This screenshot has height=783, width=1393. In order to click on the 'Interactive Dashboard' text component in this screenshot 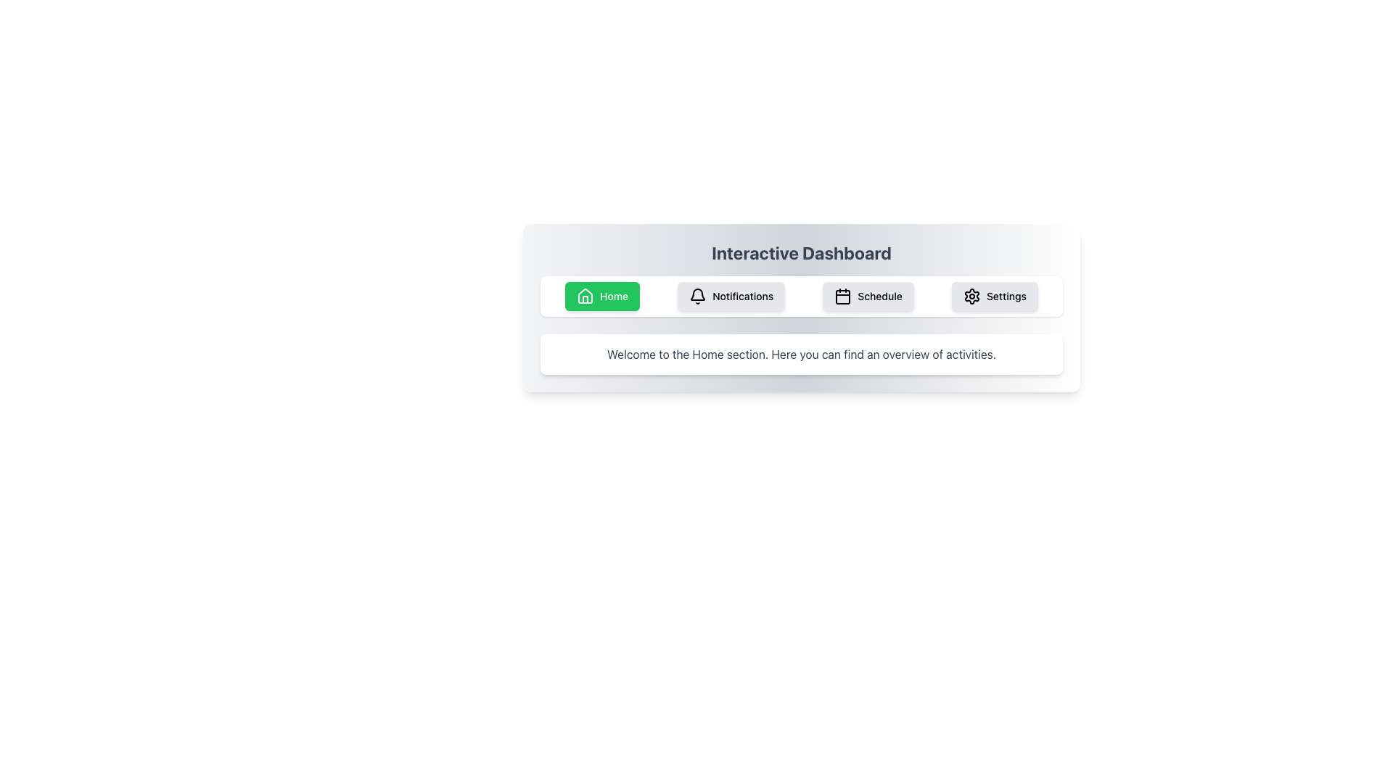, I will do `click(800, 252)`.